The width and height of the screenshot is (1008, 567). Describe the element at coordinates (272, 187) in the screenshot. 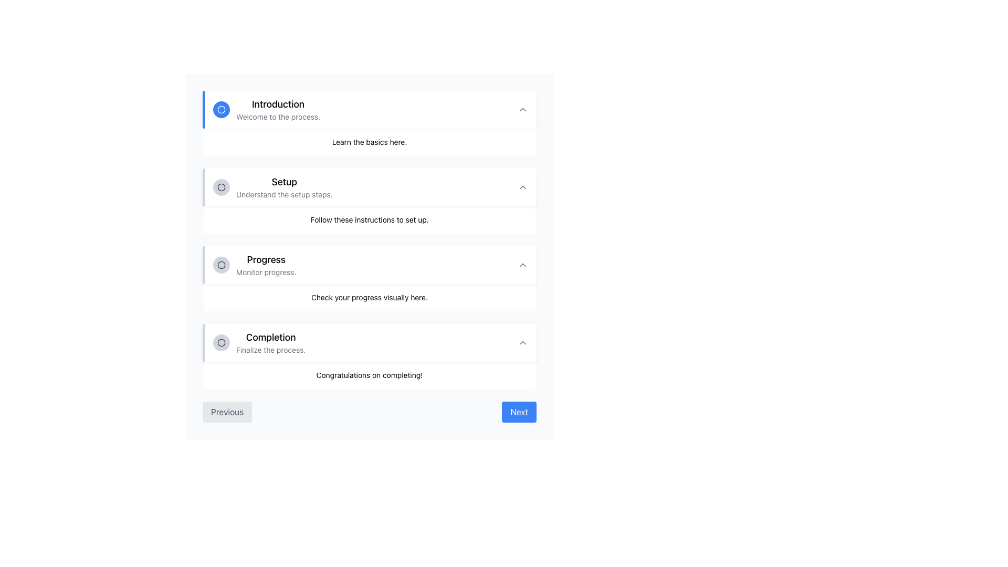

I see `the text section that indicates the setup stage, which is the second item in a vertically stacked list of components, located beneath the 'Introduction' component and above the 'Progress' component` at that location.